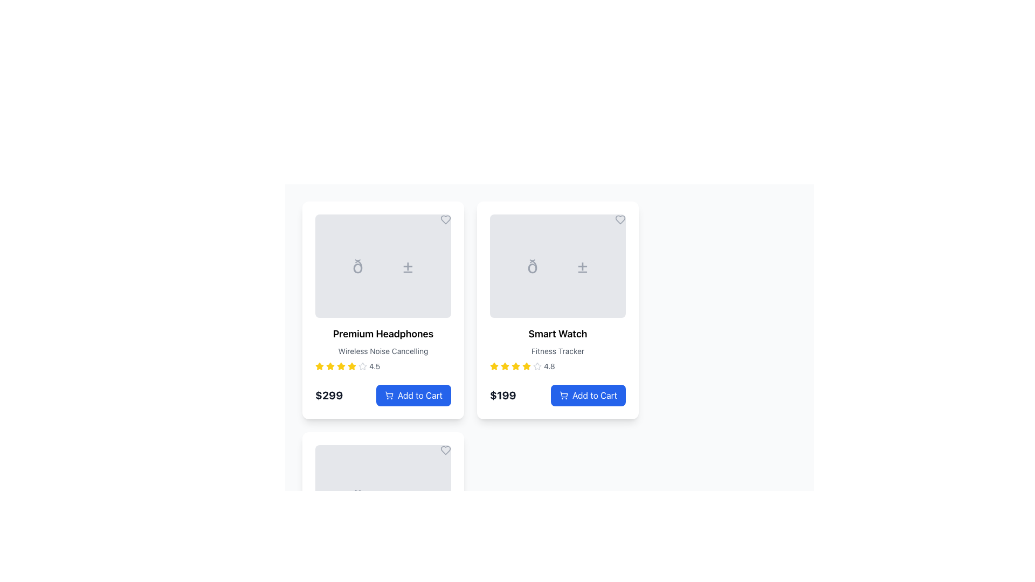 Image resolution: width=1035 pixels, height=582 pixels. Describe the element at coordinates (341, 365) in the screenshot. I see `the fifth yellow star icon in the rating system of the Premium Headphones product card, which indicates a rating` at that location.